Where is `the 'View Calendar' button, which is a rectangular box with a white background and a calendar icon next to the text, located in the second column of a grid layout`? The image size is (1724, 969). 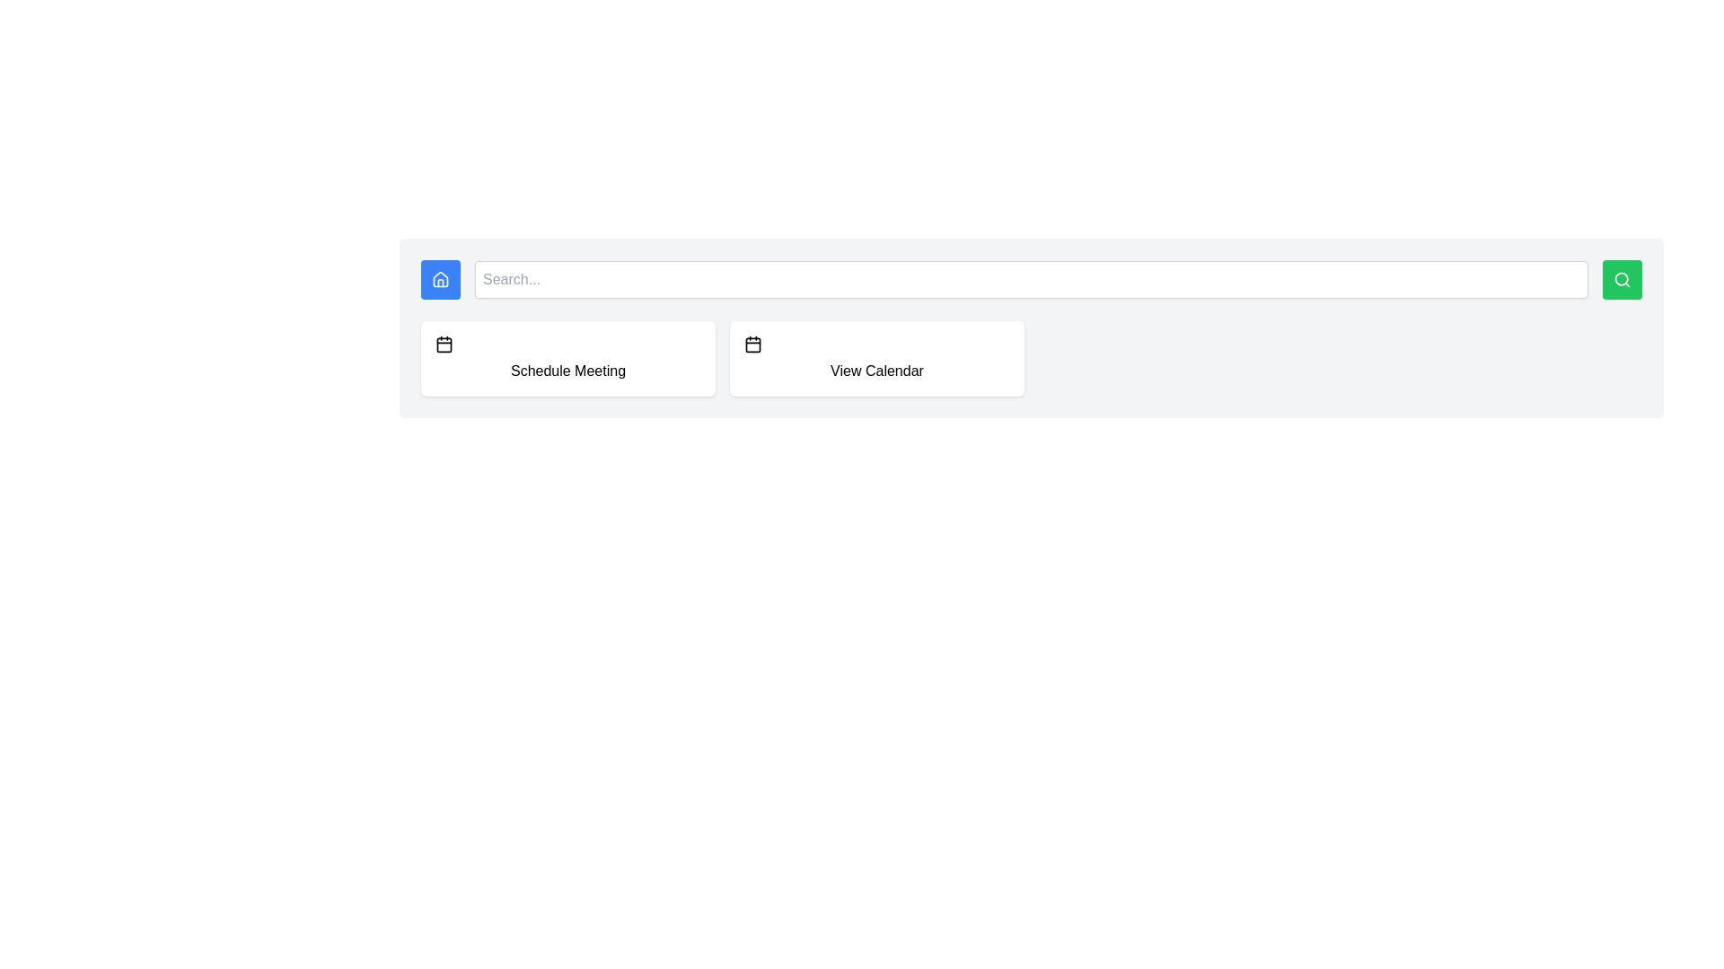 the 'View Calendar' button, which is a rectangular box with a white background and a calendar icon next to the text, located in the second column of a grid layout is located at coordinates (877, 359).